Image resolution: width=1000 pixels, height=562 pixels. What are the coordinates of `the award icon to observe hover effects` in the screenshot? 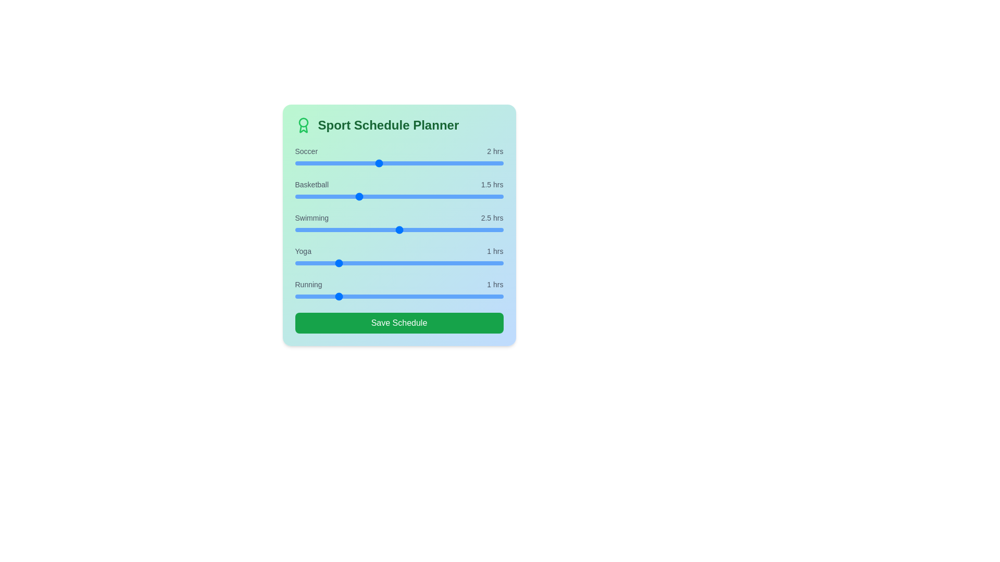 It's located at (303, 124).